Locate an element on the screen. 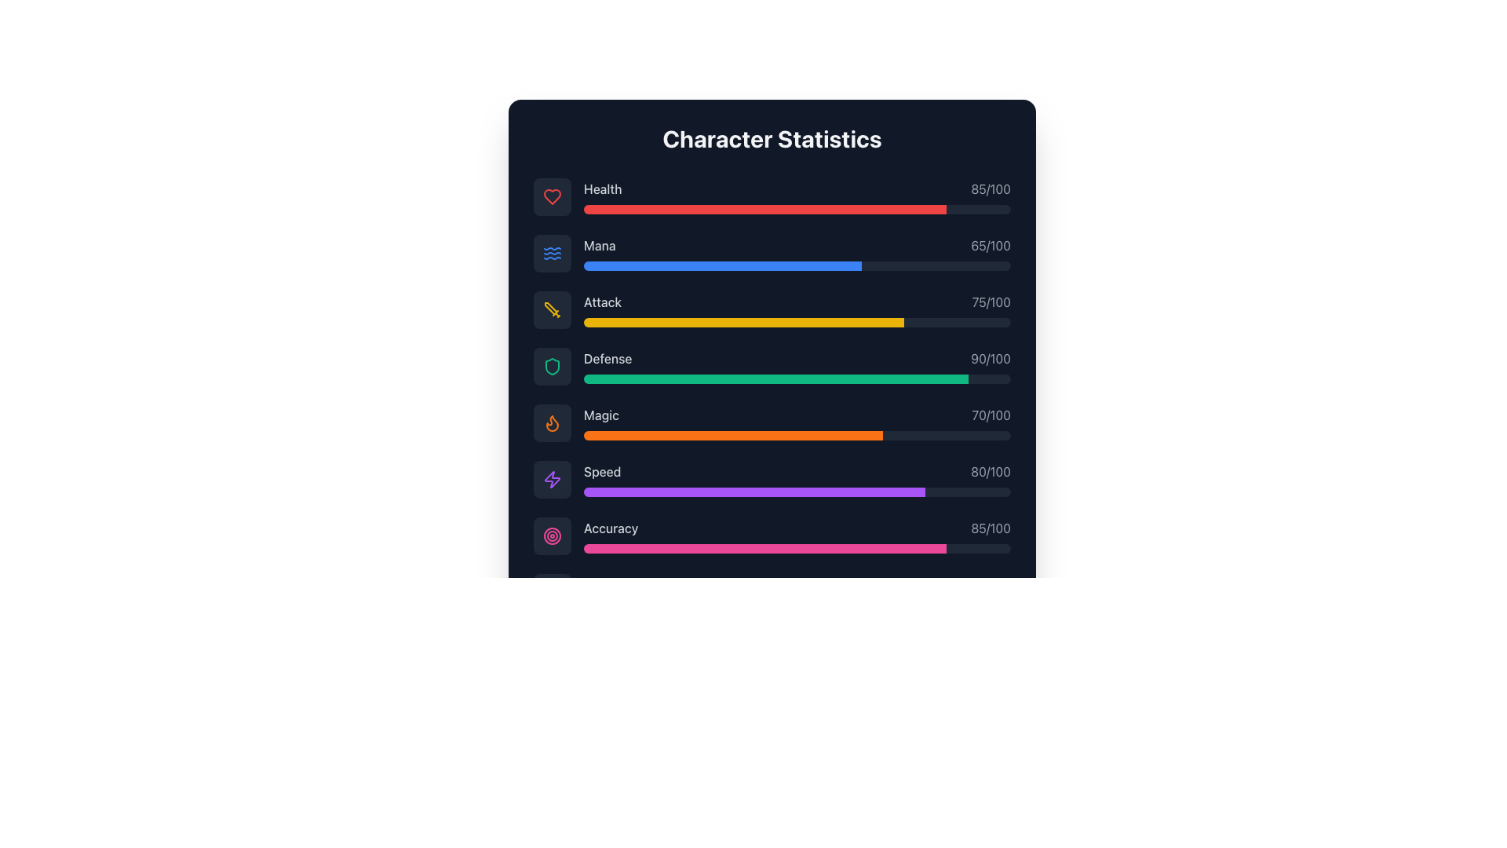 This screenshot has height=848, width=1507. the progress indicator for the 'Mana' metric, which visually represents a completion level of 65 out of 100, located in the statistics panel beneath the 'Mana' label is located at coordinates (721, 265).